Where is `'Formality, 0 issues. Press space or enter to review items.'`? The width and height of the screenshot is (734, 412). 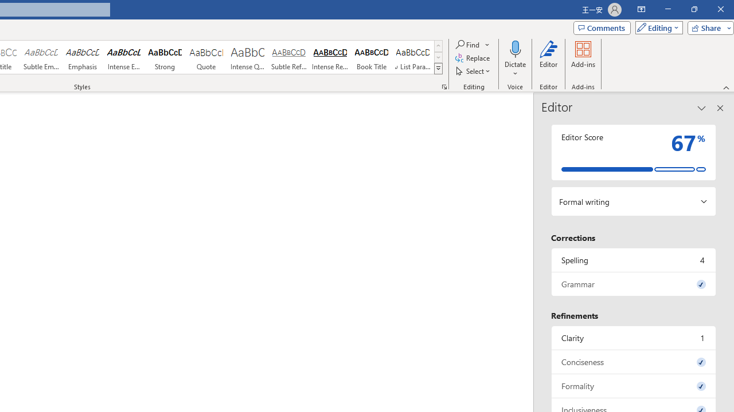
'Formality, 0 issues. Press space or enter to review items.' is located at coordinates (633, 386).